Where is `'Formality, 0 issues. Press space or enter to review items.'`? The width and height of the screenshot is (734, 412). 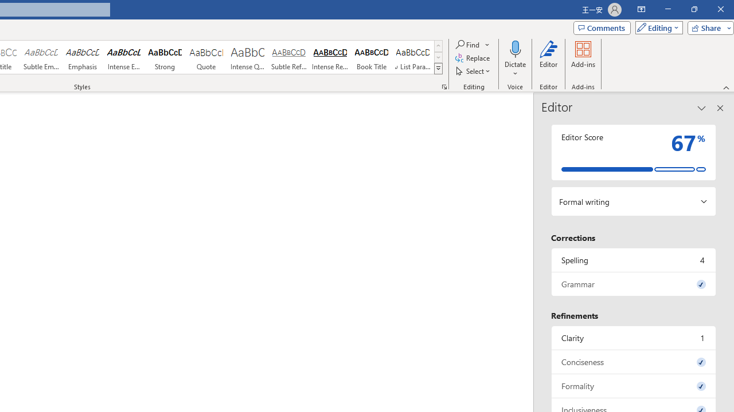
'Formality, 0 issues. Press space or enter to review items.' is located at coordinates (633, 386).